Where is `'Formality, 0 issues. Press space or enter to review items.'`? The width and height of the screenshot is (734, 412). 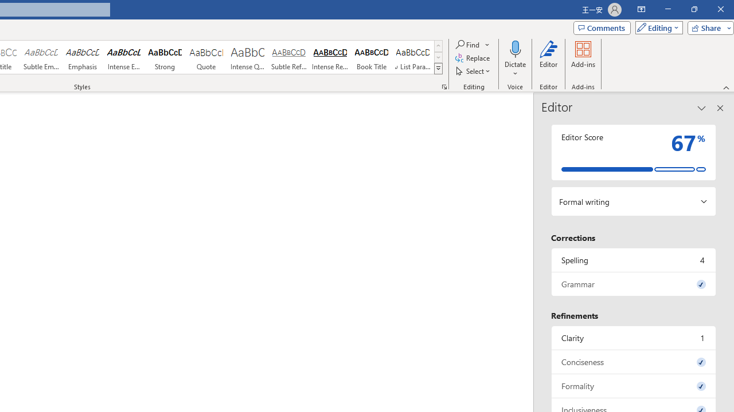
'Formality, 0 issues. Press space or enter to review items.' is located at coordinates (633, 386).